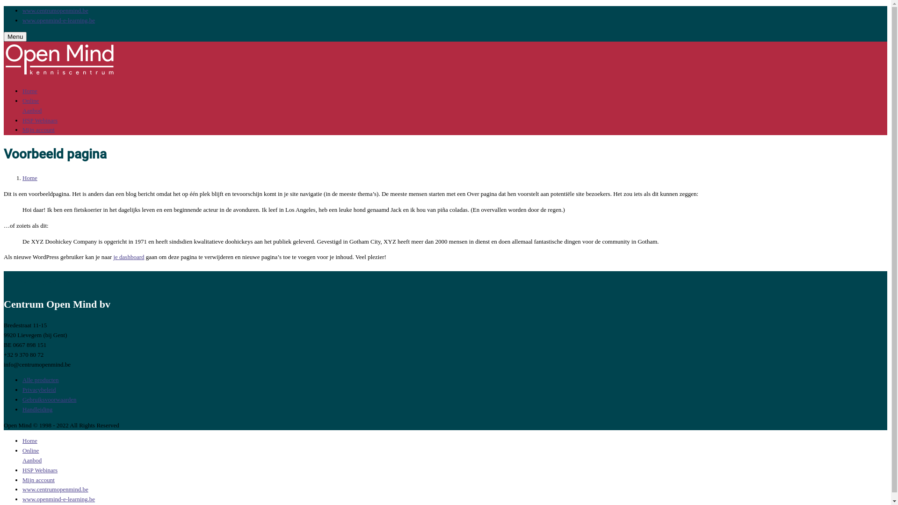  Describe the element at coordinates (128, 257) in the screenshot. I see `'je dashboard'` at that location.